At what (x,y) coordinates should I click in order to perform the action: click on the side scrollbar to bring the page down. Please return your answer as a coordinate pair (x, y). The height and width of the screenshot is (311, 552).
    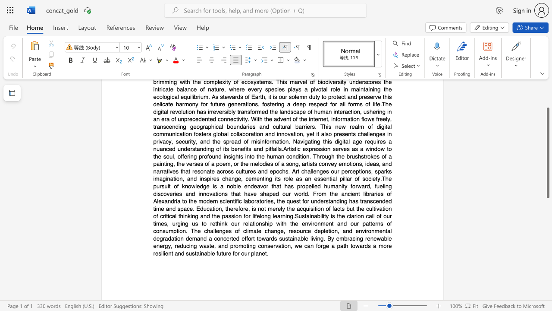
    Looking at the image, I should click on (547, 272).